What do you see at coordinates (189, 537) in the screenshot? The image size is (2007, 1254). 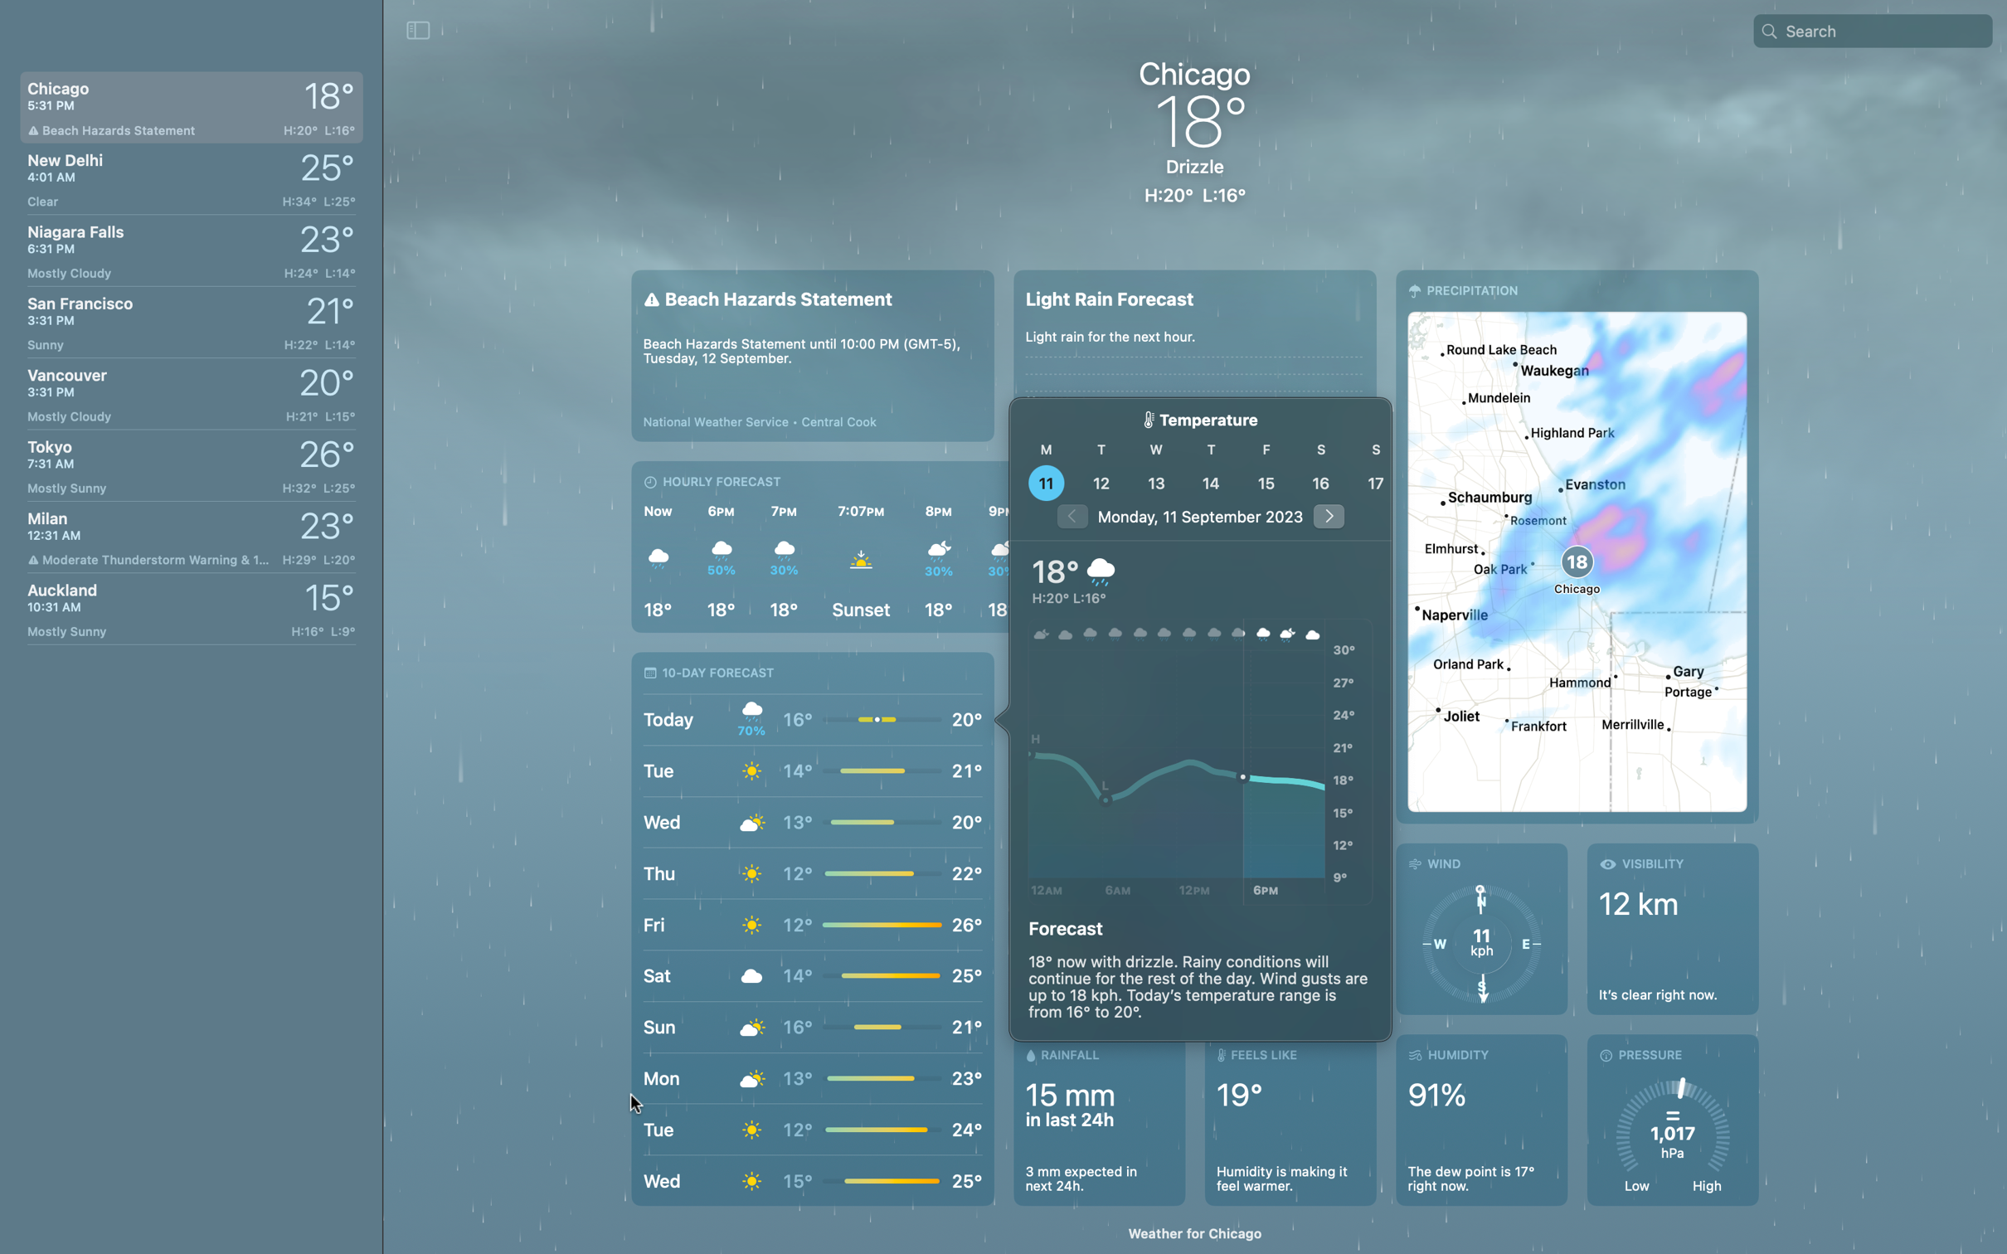 I see `Show the weather conditions in Milan` at bounding box center [189, 537].